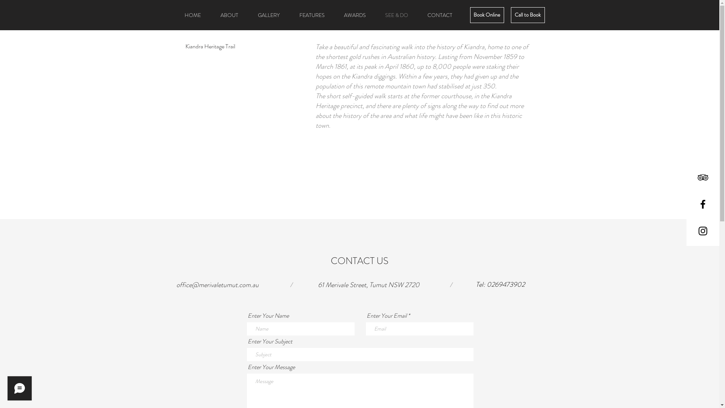 Image resolution: width=725 pixels, height=408 pixels. Describe the element at coordinates (500, 284) in the screenshot. I see `'Tel: 0269473902'` at that location.